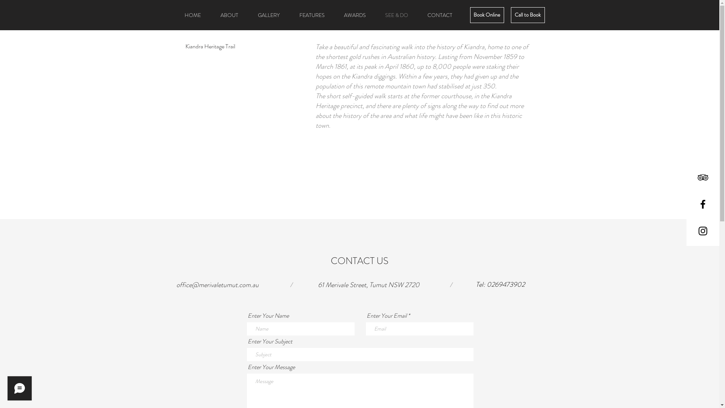 Image resolution: width=725 pixels, height=408 pixels. Describe the element at coordinates (500, 284) in the screenshot. I see `'Tel: 0269473902'` at that location.